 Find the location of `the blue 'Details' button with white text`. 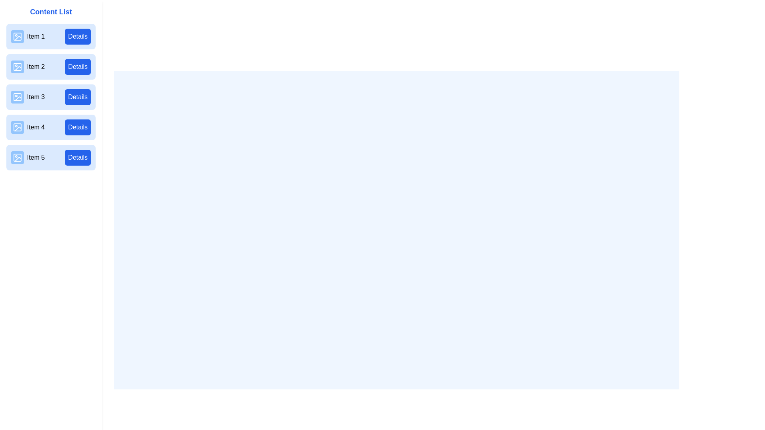

the blue 'Details' button with white text is located at coordinates (78, 158).